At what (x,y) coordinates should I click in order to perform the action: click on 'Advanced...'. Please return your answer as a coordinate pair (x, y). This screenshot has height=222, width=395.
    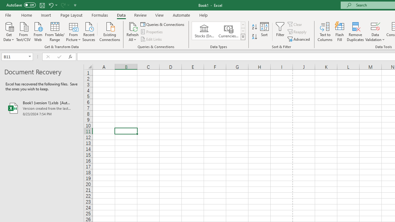
    Looking at the image, I should click on (299, 39).